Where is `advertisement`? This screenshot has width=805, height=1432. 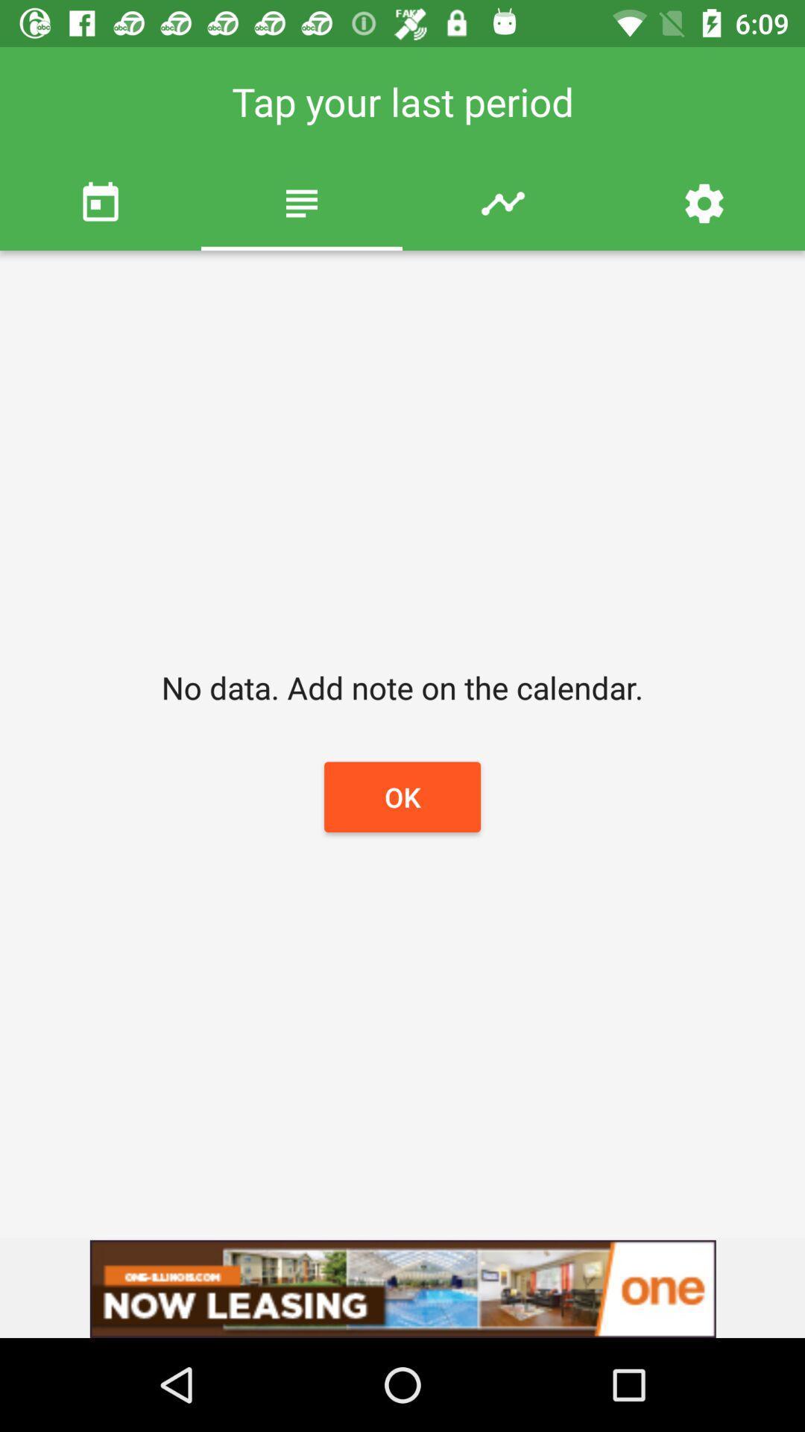
advertisement is located at coordinates (402, 1288).